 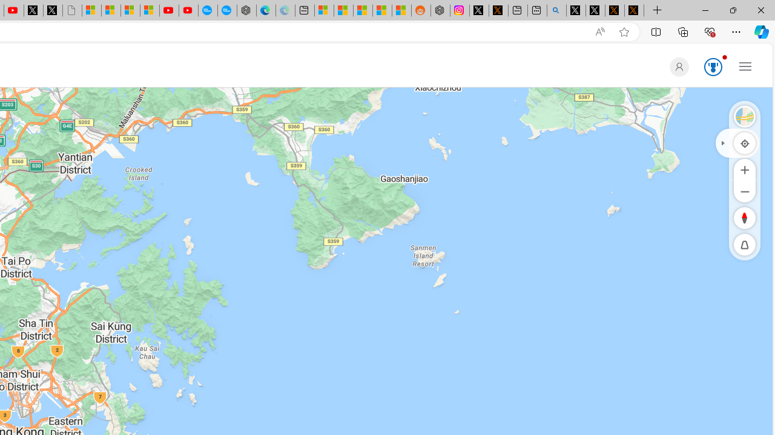 What do you see at coordinates (744, 116) in the screenshot?
I see `'Satellite'` at bounding box center [744, 116].